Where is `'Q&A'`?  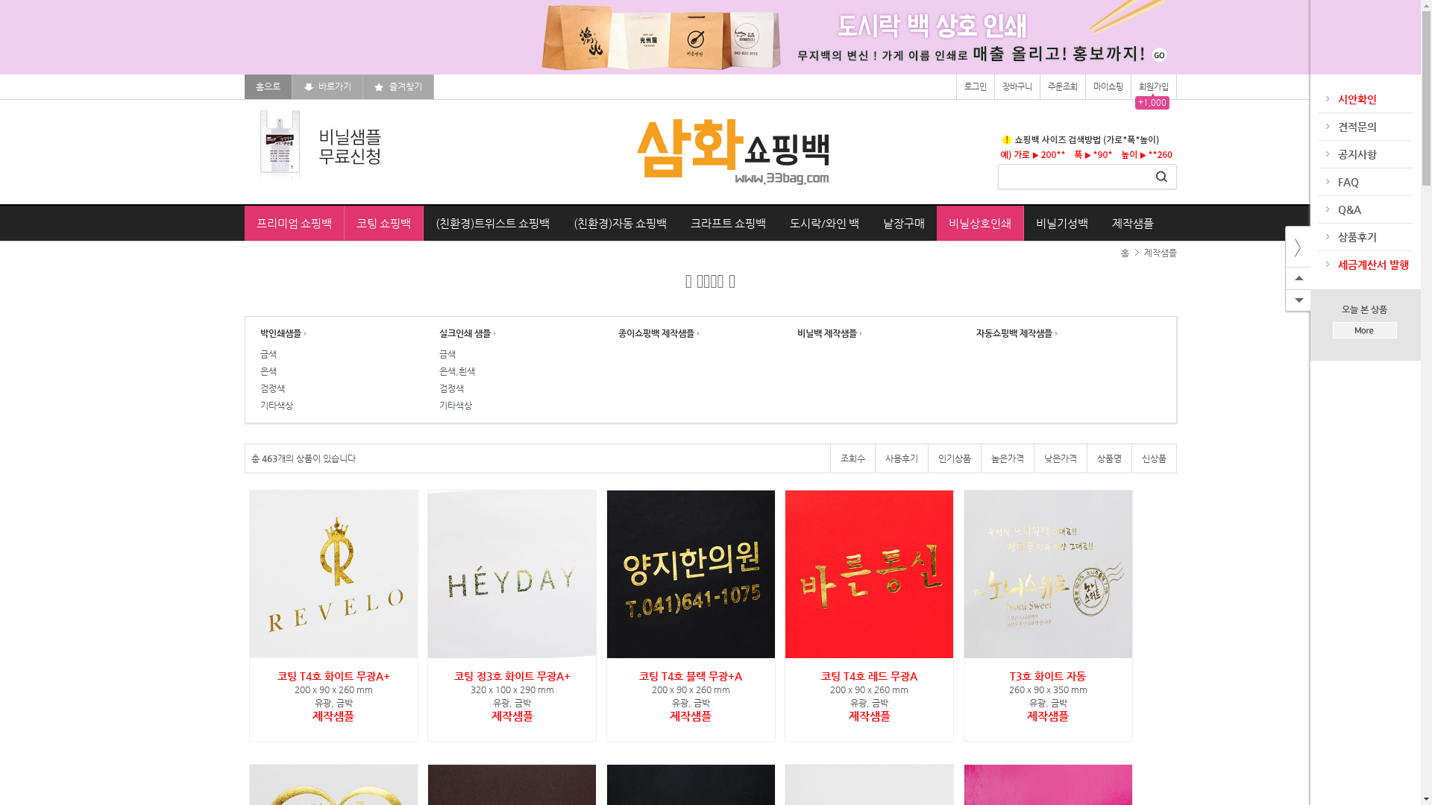 'Q&A' is located at coordinates (1348, 209).